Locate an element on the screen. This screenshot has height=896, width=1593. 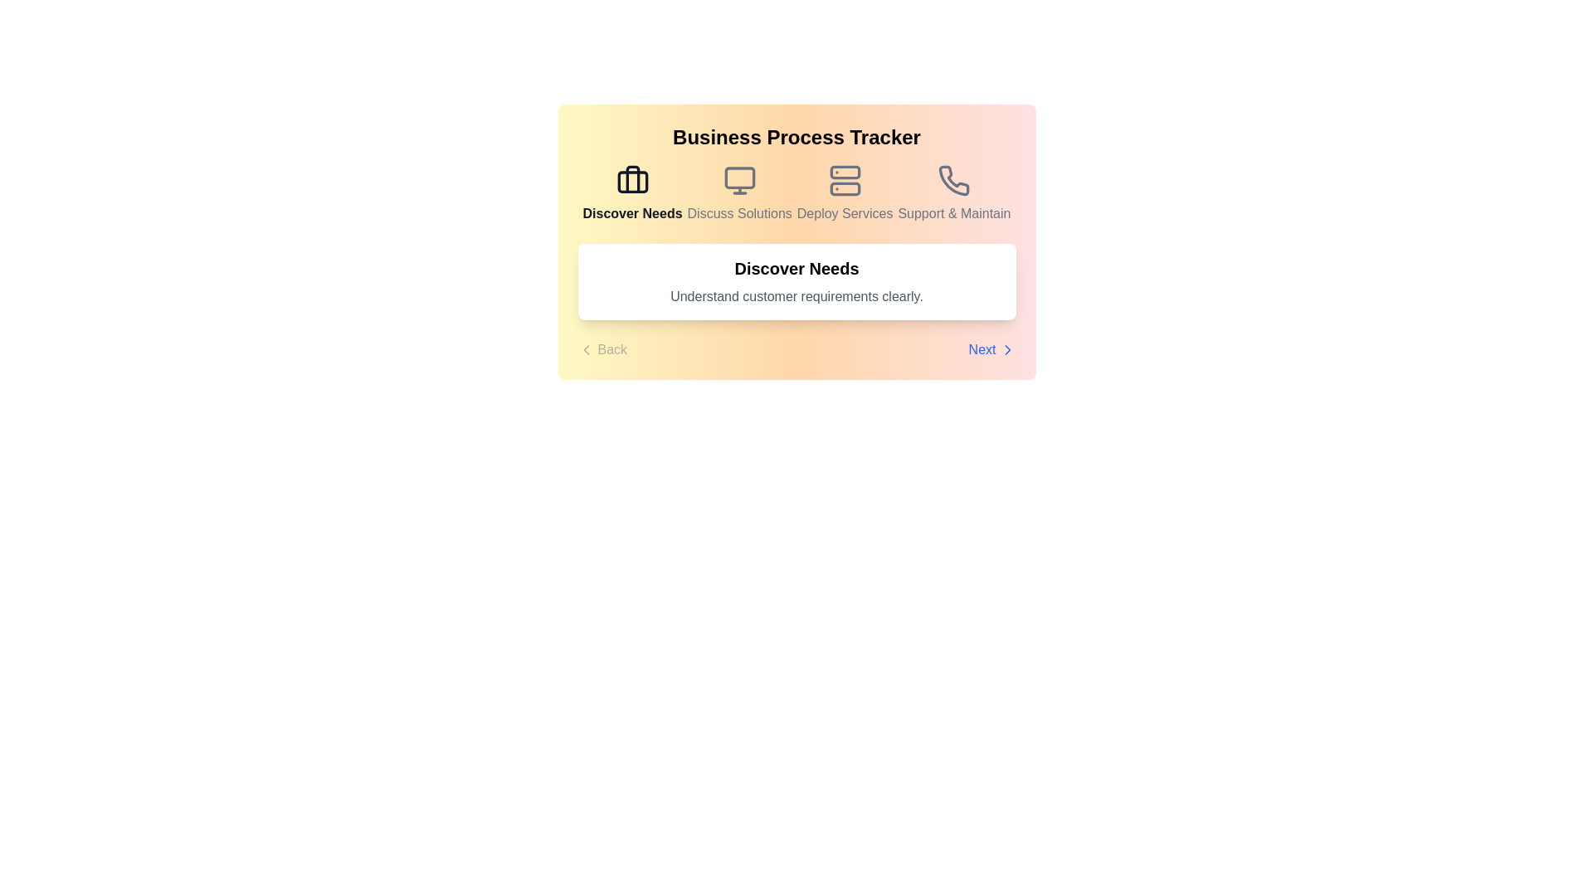
the step icon for Discover Needs is located at coordinates (631, 193).